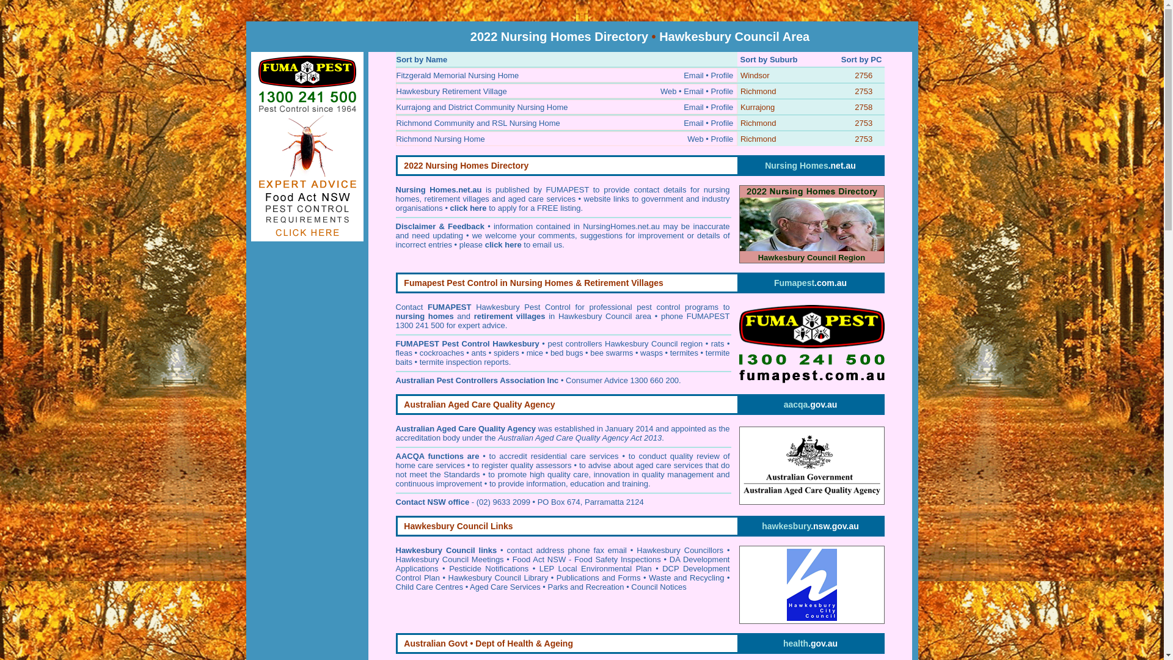 Image resolution: width=1173 pixels, height=660 pixels. Describe the element at coordinates (491, 343) in the screenshot. I see `'Pest Control Hawkesbury'` at that location.